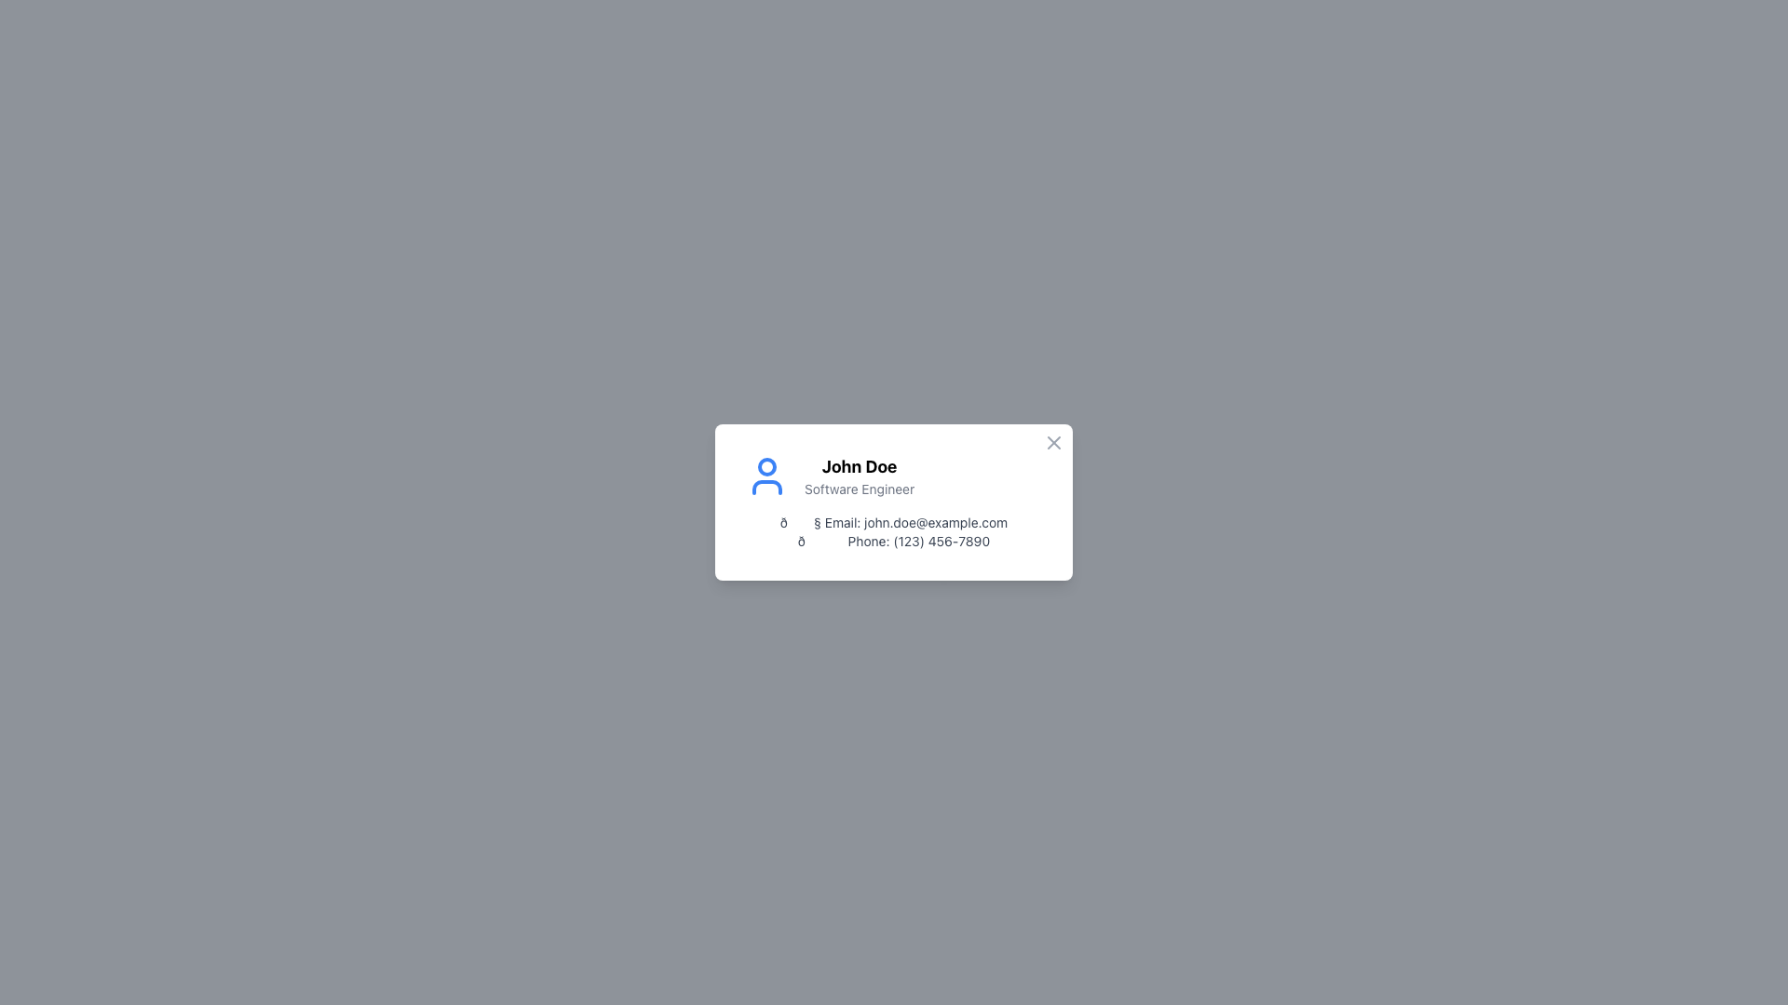 The width and height of the screenshot is (1788, 1005). I want to click on the text label displaying the job title or role, located below the name 'John Doe' in the upper section of the card layout, so click(859, 488).